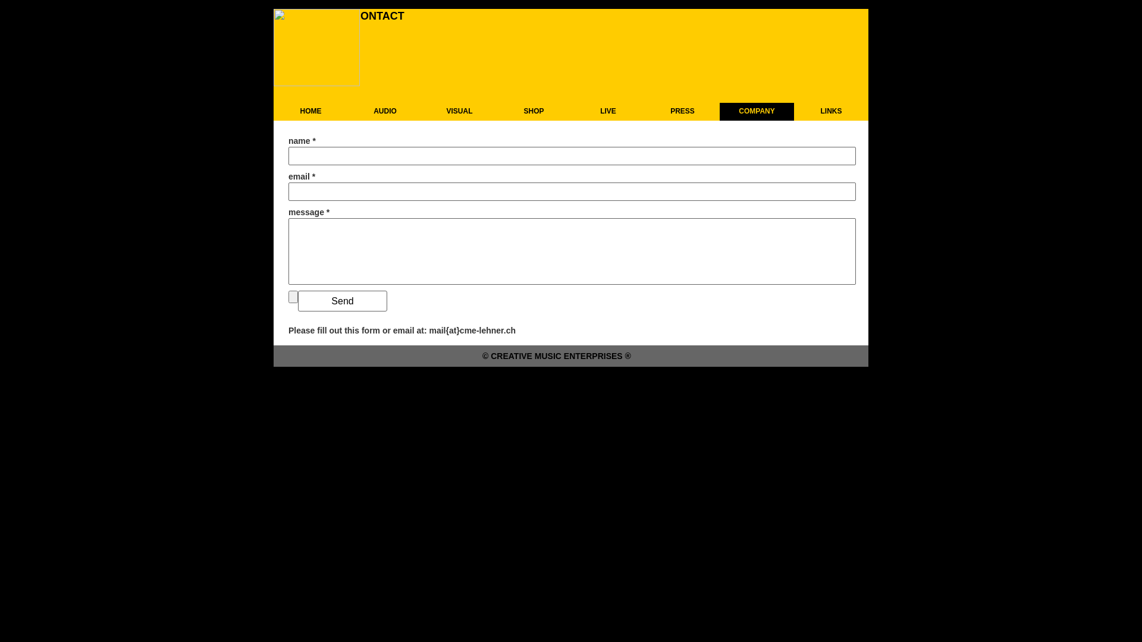 Image resolution: width=1142 pixels, height=642 pixels. Describe the element at coordinates (422, 112) in the screenshot. I see `'VISUAL'` at that location.